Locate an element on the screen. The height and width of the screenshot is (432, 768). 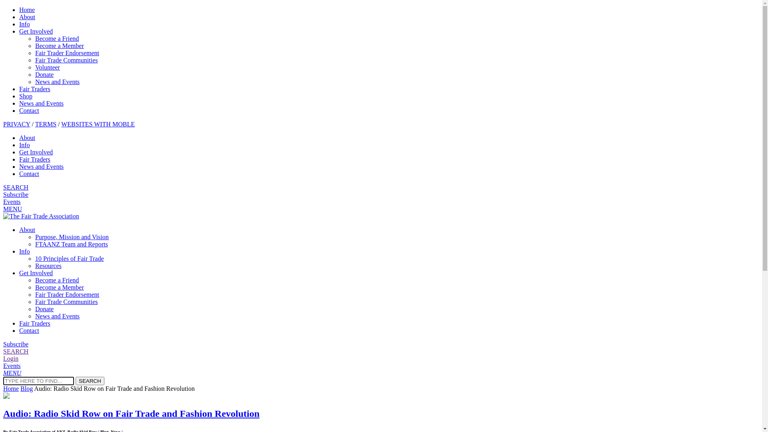
'Fair Trader Endorsement' is located at coordinates (67, 294).